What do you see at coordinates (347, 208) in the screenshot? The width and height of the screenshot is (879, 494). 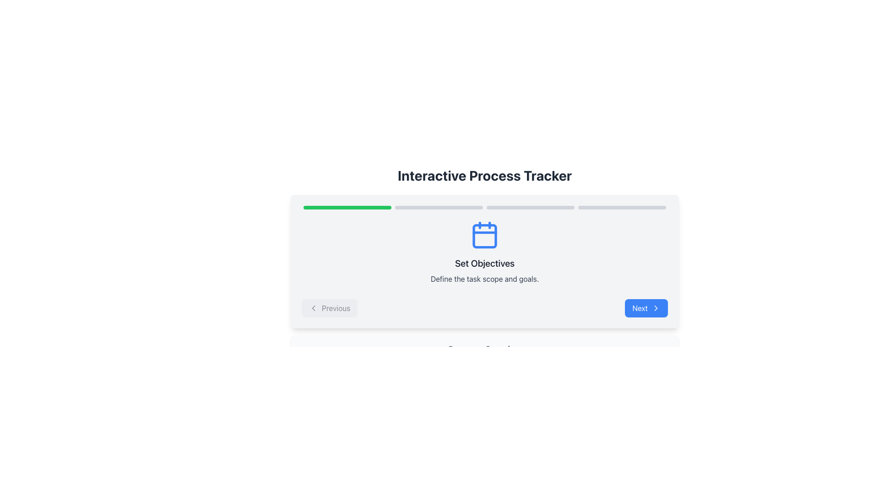 I see `the first segment of the progress indicator bar, which visually represents the active state in the multi-step progress tracker` at bounding box center [347, 208].